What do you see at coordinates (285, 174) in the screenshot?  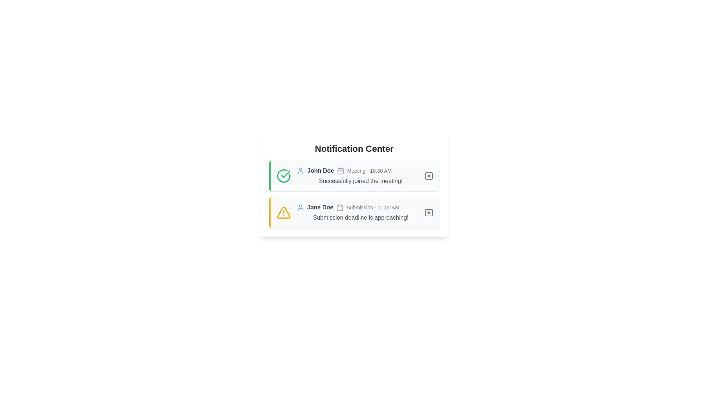 I see `the green check mark icon within the circular outline located on the left edge of the first notification card` at bounding box center [285, 174].